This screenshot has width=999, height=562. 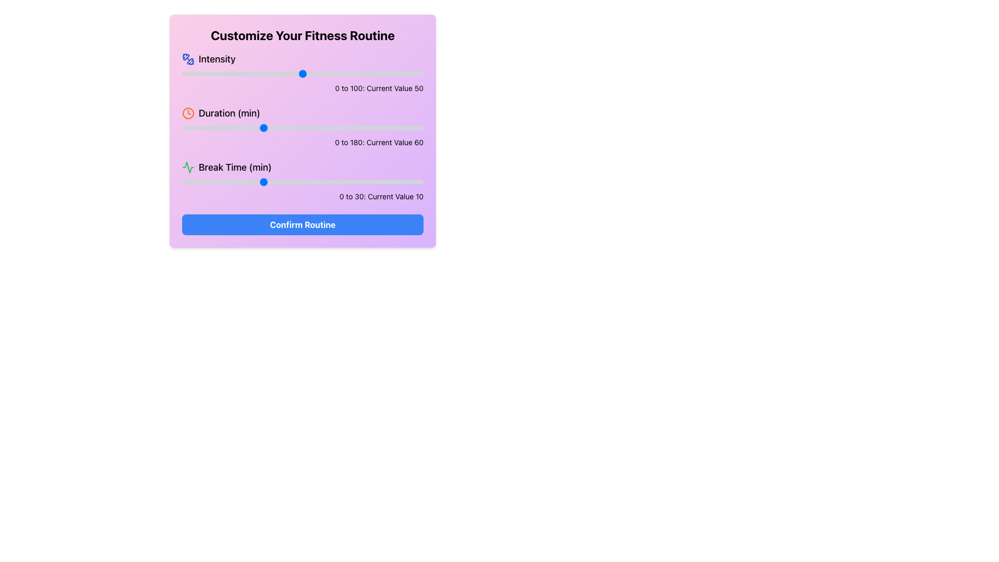 I want to click on the horizontal slider input (Range) for 'Break Time (min)', which is the third slider in the interface with a current value of 10, so click(x=302, y=182).